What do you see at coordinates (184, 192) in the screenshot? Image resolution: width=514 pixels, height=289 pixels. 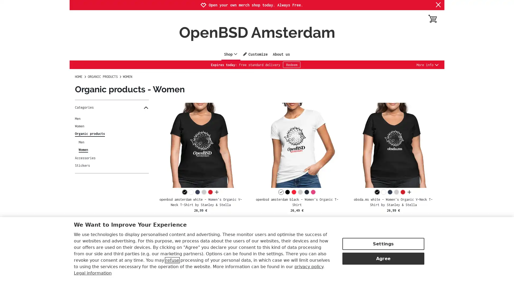 I see `black` at bounding box center [184, 192].